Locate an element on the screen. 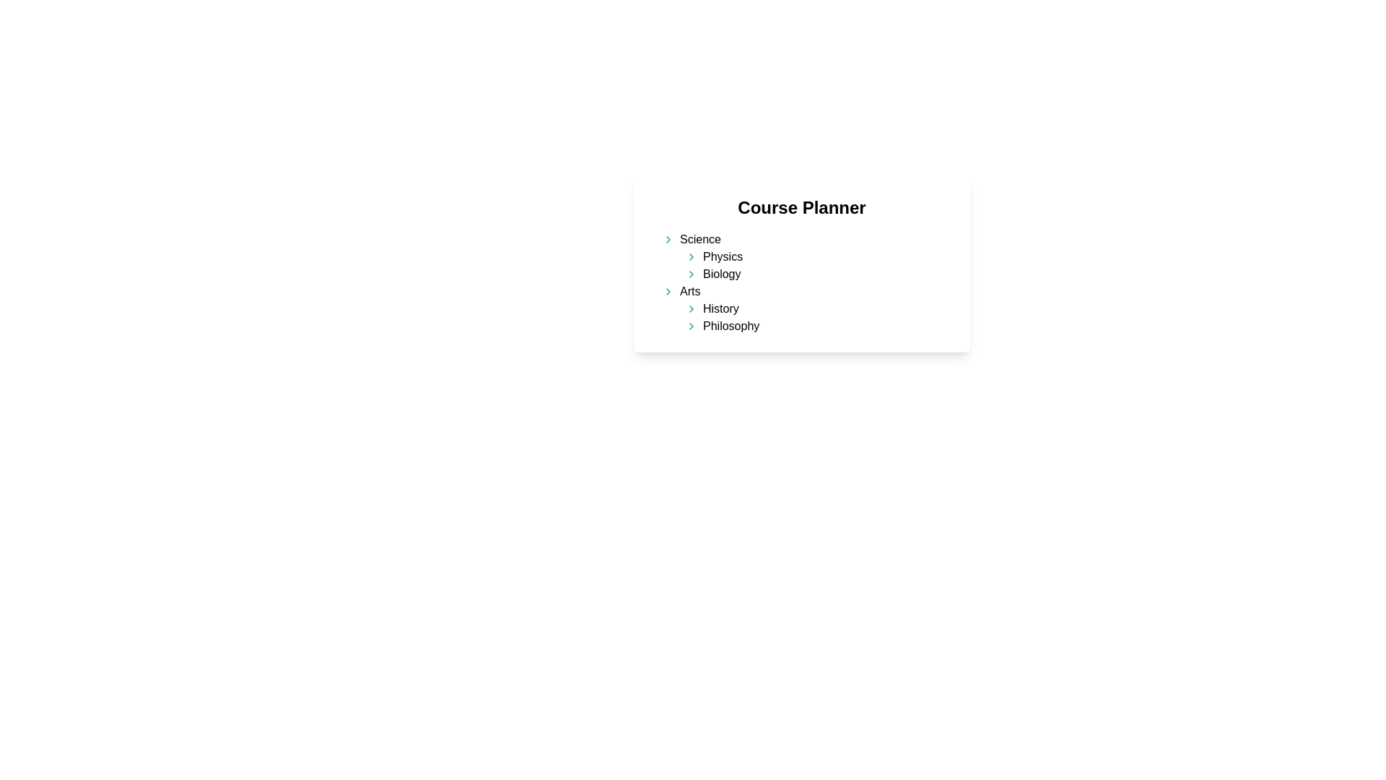 This screenshot has height=780, width=1386. the right-pointing chevron icon with a green stroke next to the text 'Physics' is located at coordinates (691, 256).